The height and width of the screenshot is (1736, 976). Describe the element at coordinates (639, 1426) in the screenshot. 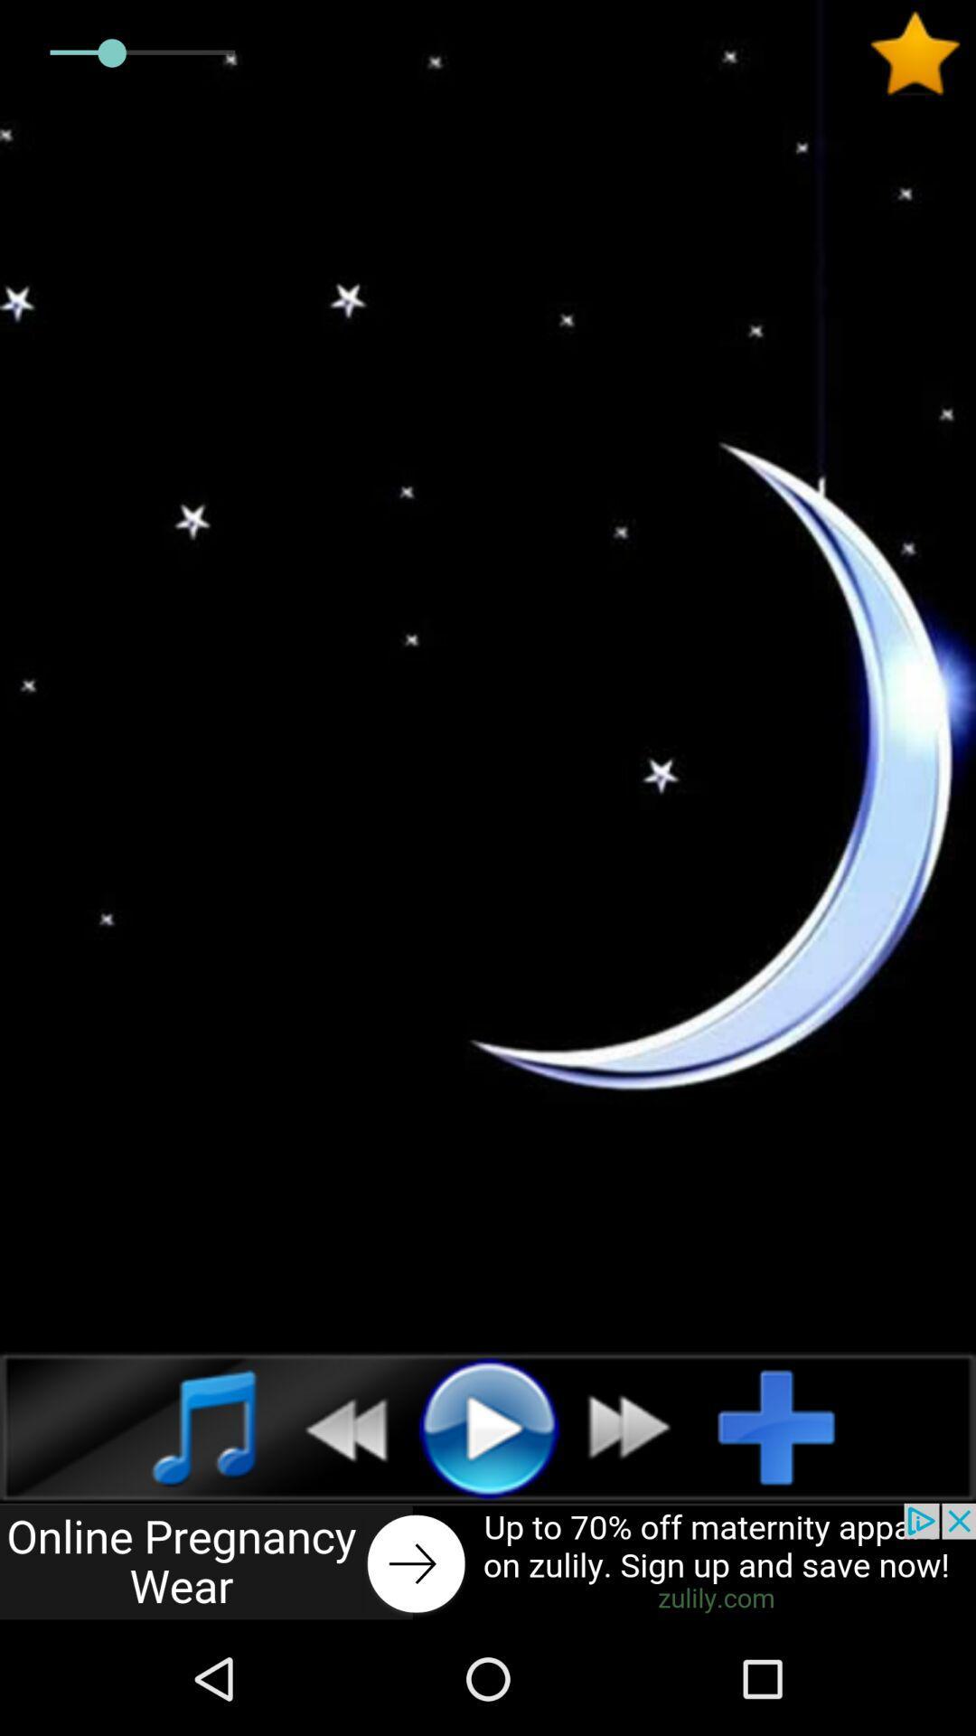

I see `the av_forward icon` at that location.